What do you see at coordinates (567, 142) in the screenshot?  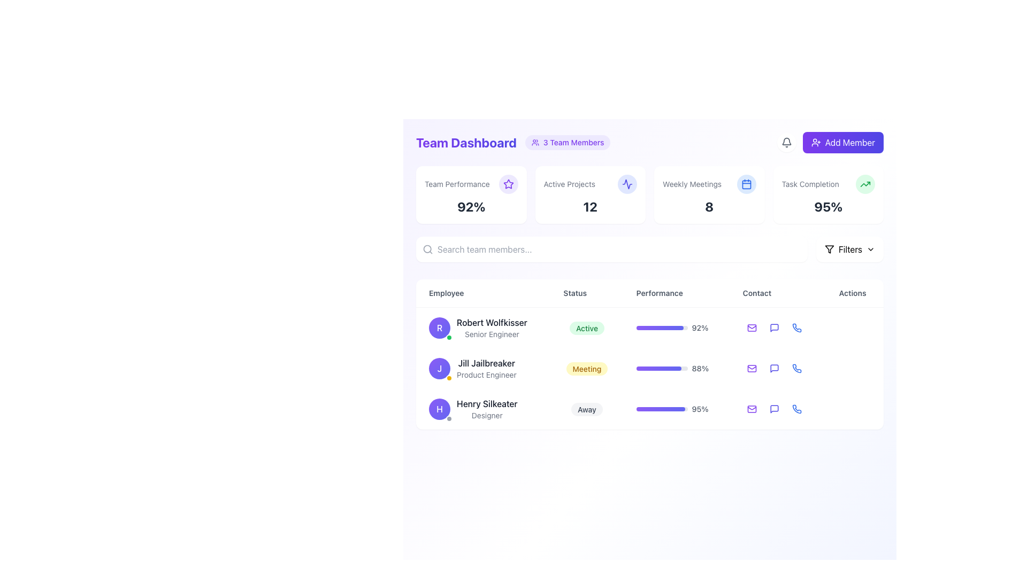 I see `the pill-shaped button labeled '3 Team Members' with a light violet background, positioned to the right of the 'Team Dashboard' heading` at bounding box center [567, 142].